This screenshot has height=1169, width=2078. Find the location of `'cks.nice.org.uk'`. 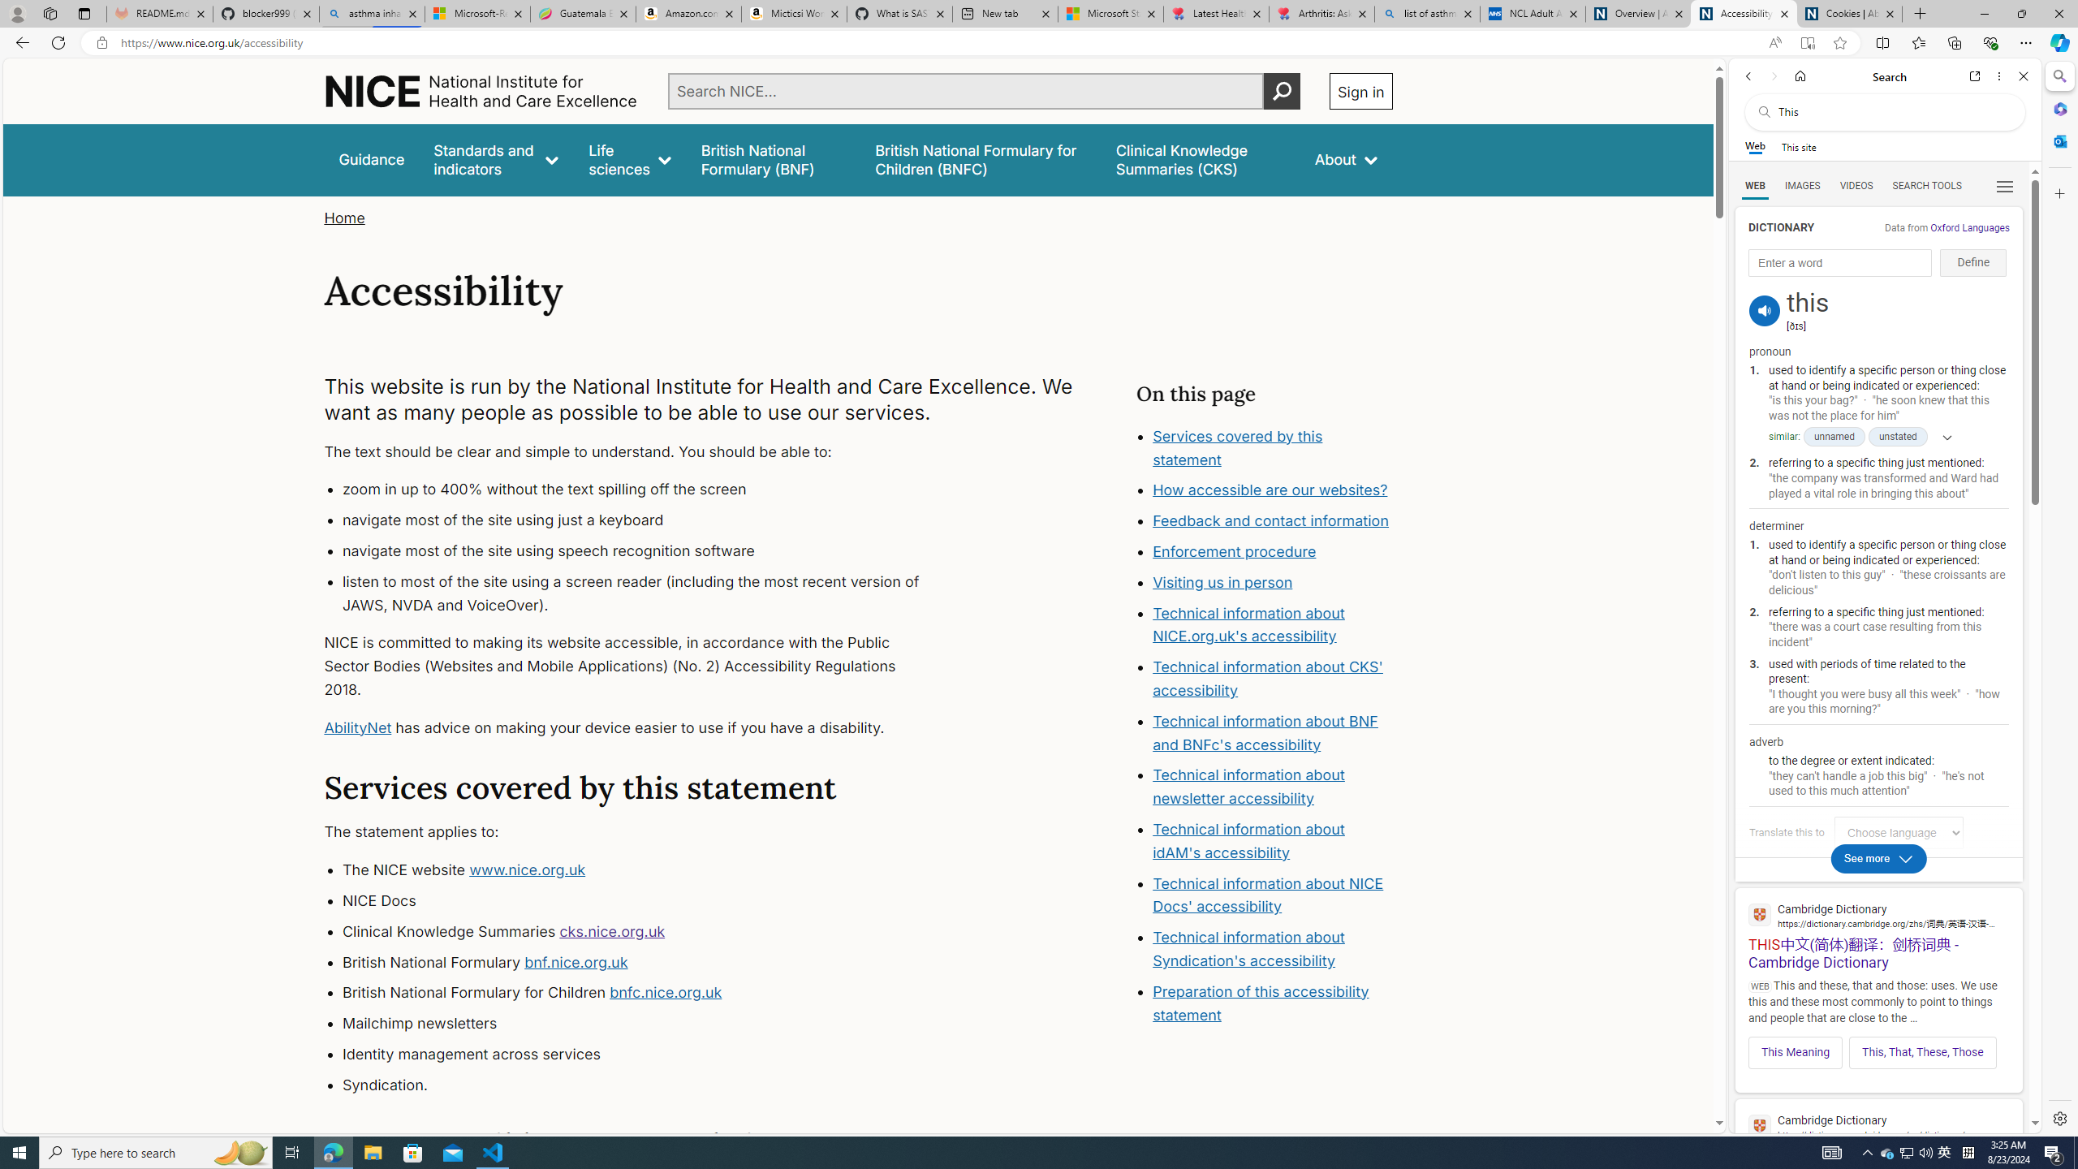

'cks.nice.org.uk' is located at coordinates (611, 930).